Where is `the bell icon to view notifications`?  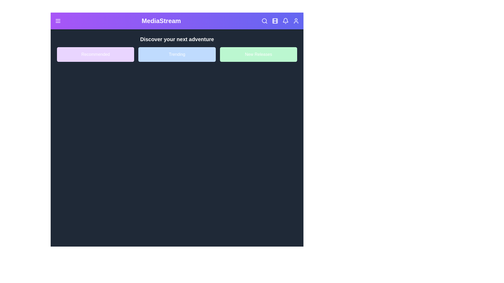 the bell icon to view notifications is located at coordinates (285, 21).